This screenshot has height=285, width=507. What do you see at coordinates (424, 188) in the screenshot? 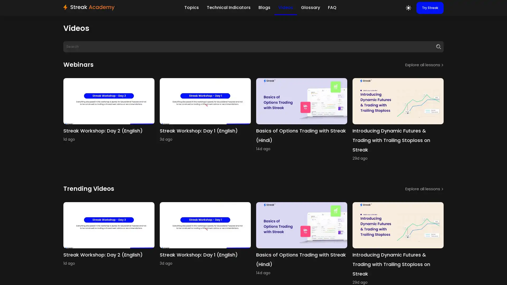
I see `Explore all lessons` at bounding box center [424, 188].